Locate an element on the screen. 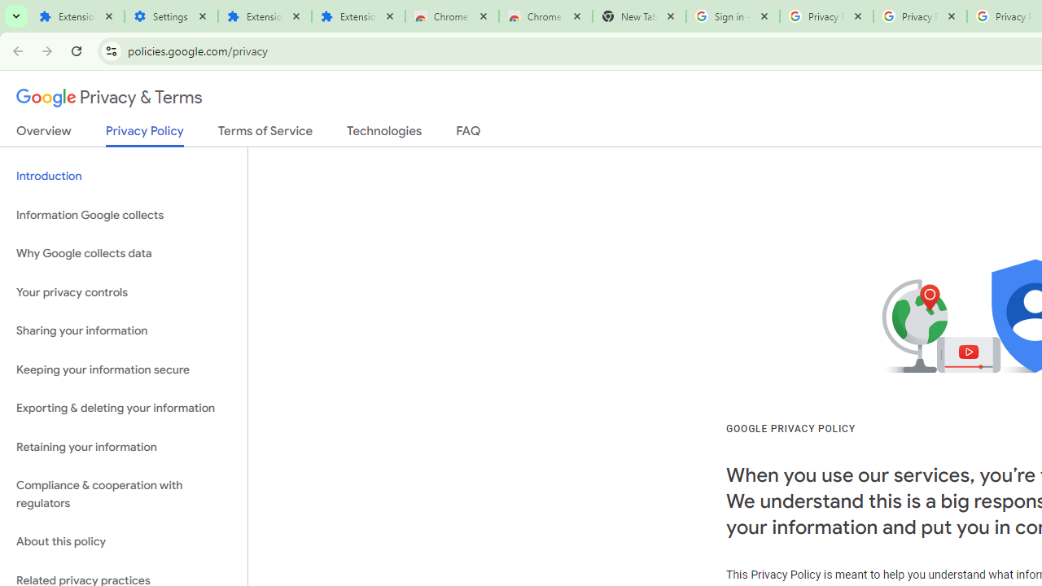  'Settings' is located at coordinates (170, 16).